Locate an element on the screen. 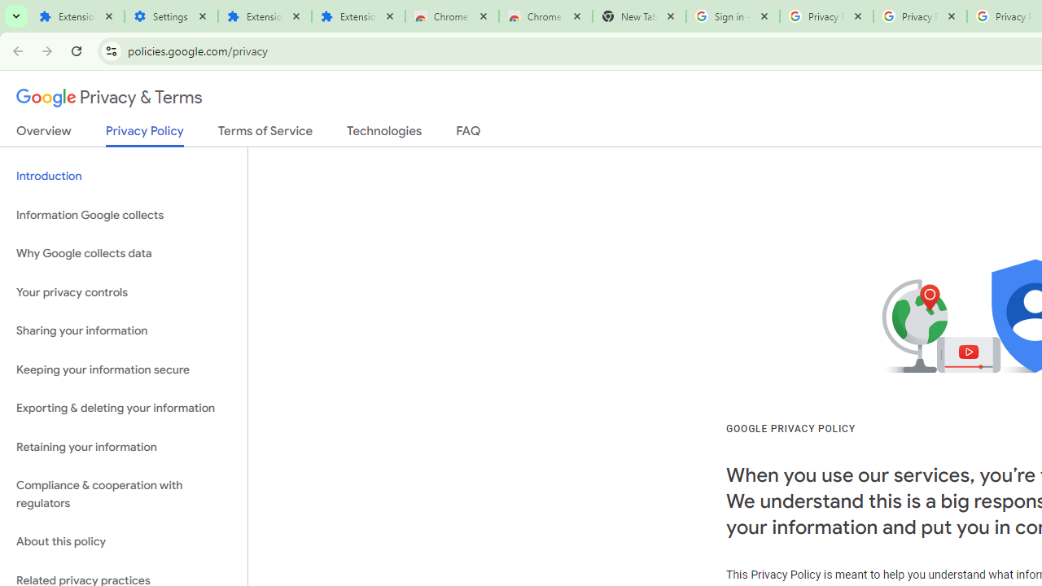  'Settings' is located at coordinates (170, 16).